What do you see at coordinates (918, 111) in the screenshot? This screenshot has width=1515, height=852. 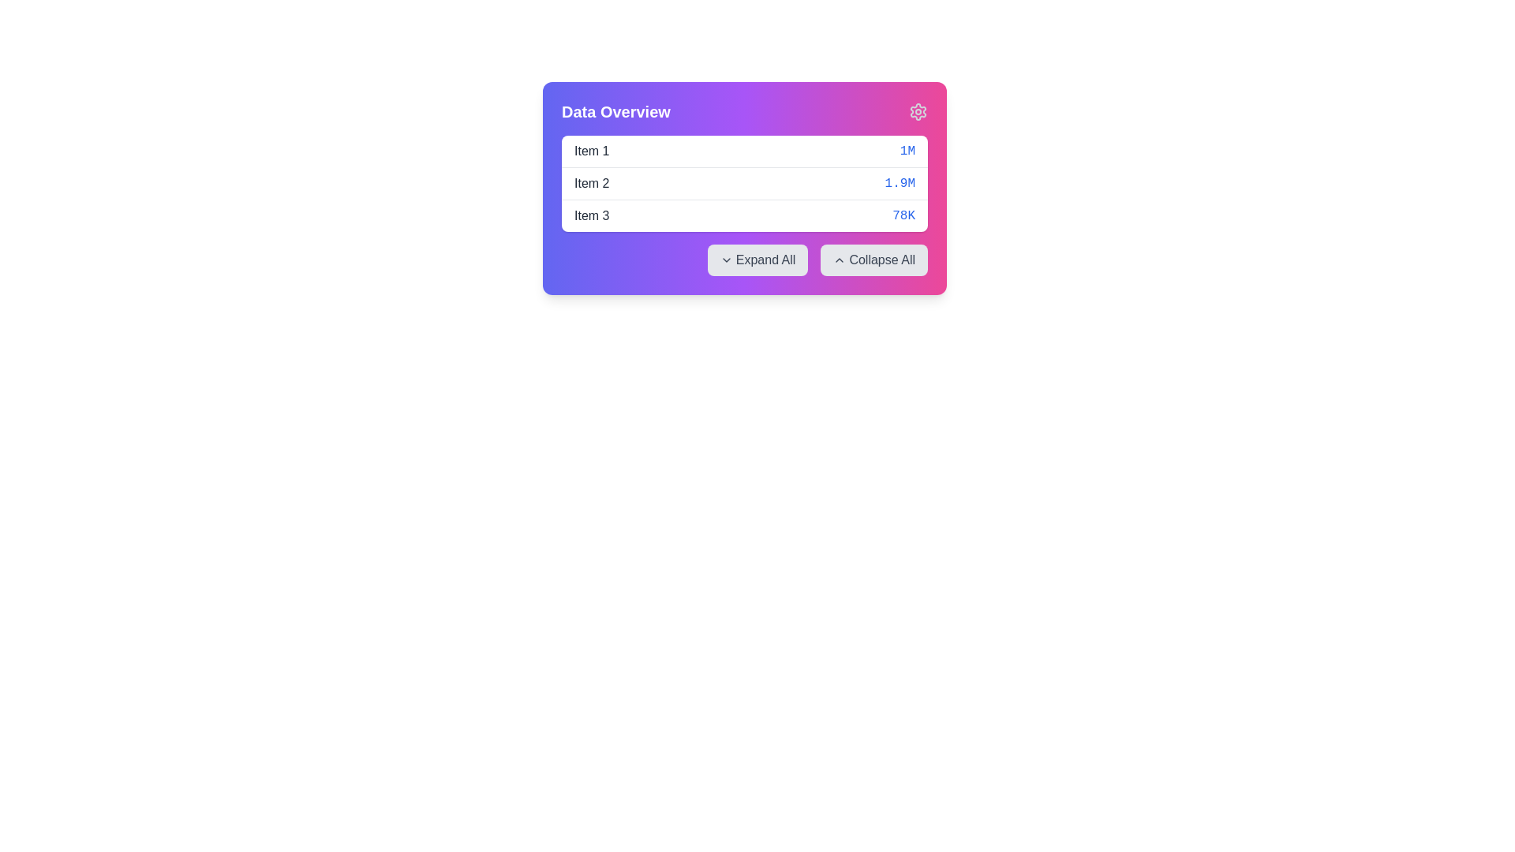 I see `the center of the pink gear-shaped settings icon located in the top-right corner of the 'Data Overview' card` at bounding box center [918, 111].